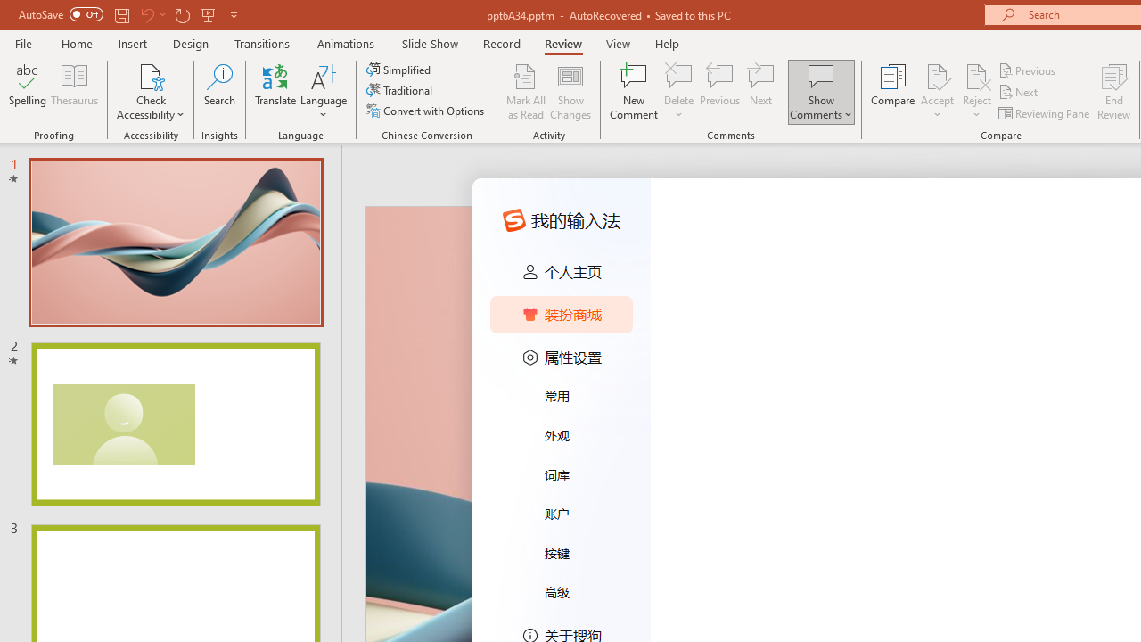 The height and width of the screenshot is (642, 1141). I want to click on 'Reject', so click(976, 92).